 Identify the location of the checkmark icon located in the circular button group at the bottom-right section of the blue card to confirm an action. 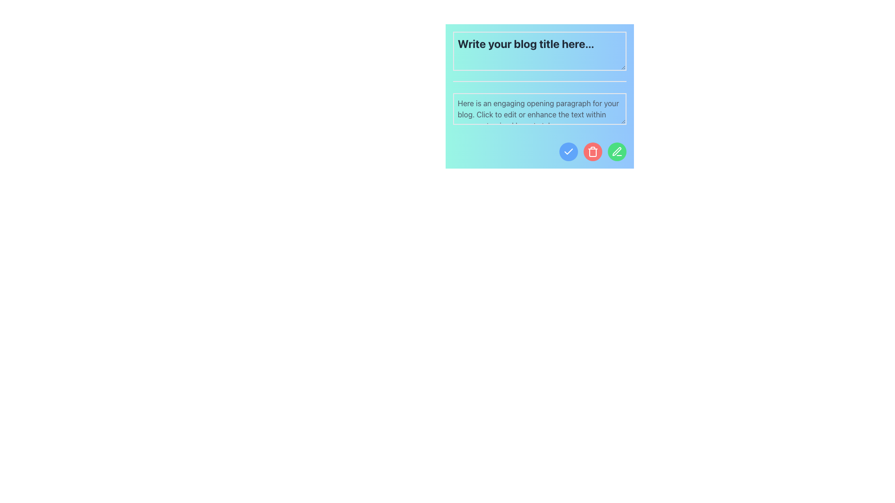
(568, 150).